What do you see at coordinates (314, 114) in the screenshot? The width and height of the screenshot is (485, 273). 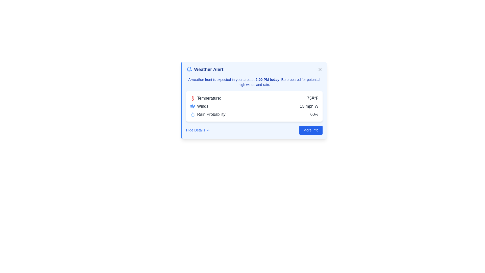 I see `the static text label displaying '60%' which is styled in black sans-serif font and is positioned to the right of 'Rain Probability:' in the weather alert card` at bounding box center [314, 114].